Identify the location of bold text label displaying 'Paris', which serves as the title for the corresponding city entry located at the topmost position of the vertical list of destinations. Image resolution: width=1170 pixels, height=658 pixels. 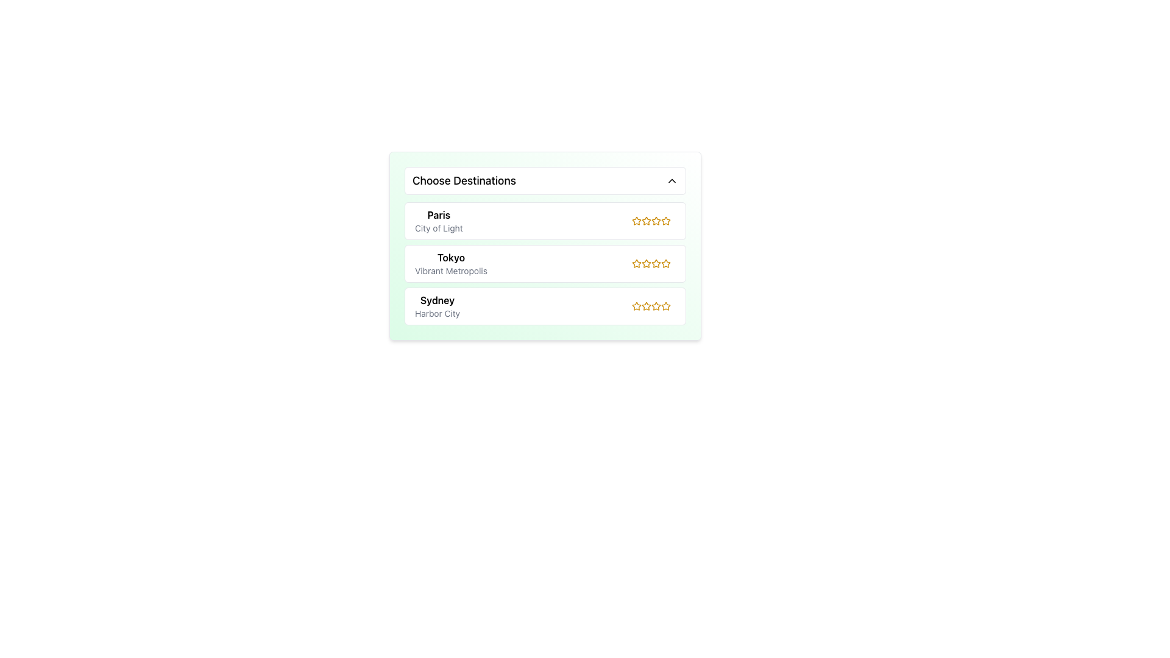
(439, 214).